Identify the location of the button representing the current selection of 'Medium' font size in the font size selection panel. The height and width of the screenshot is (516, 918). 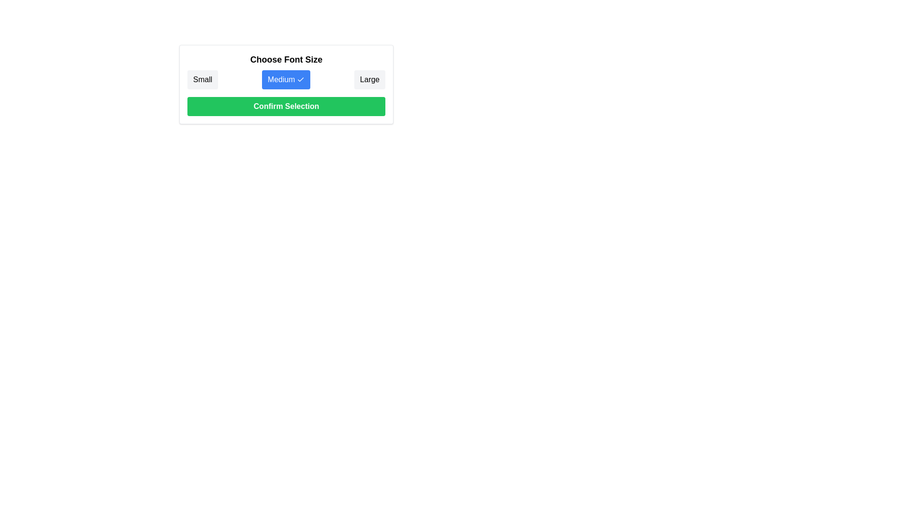
(286, 84).